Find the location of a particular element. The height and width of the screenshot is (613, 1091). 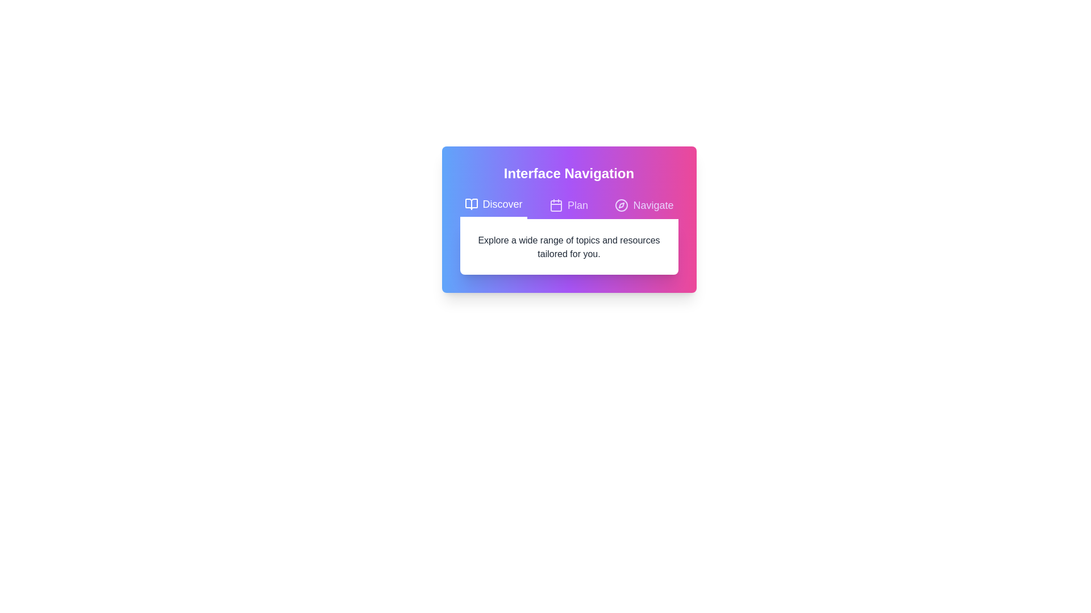

the Decorative component of the calendar icon, which is centrally located at the second button labeled 'Plan' in the interface navigation is located at coordinates (556, 205).